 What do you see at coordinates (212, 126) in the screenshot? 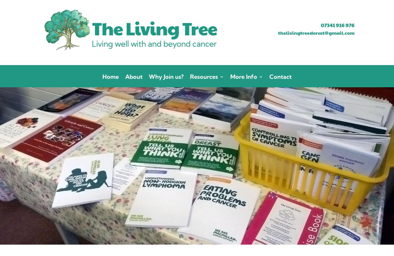
I see `'Find Other Support'` at bounding box center [212, 126].